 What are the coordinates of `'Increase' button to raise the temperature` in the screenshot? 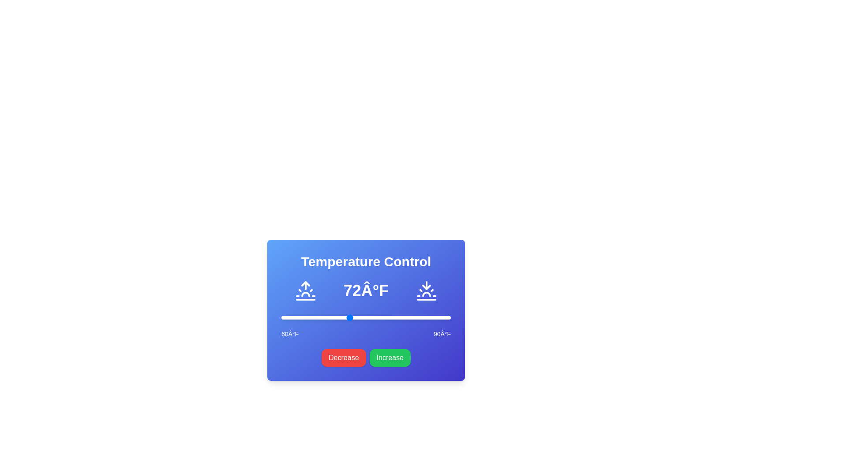 It's located at (389, 358).